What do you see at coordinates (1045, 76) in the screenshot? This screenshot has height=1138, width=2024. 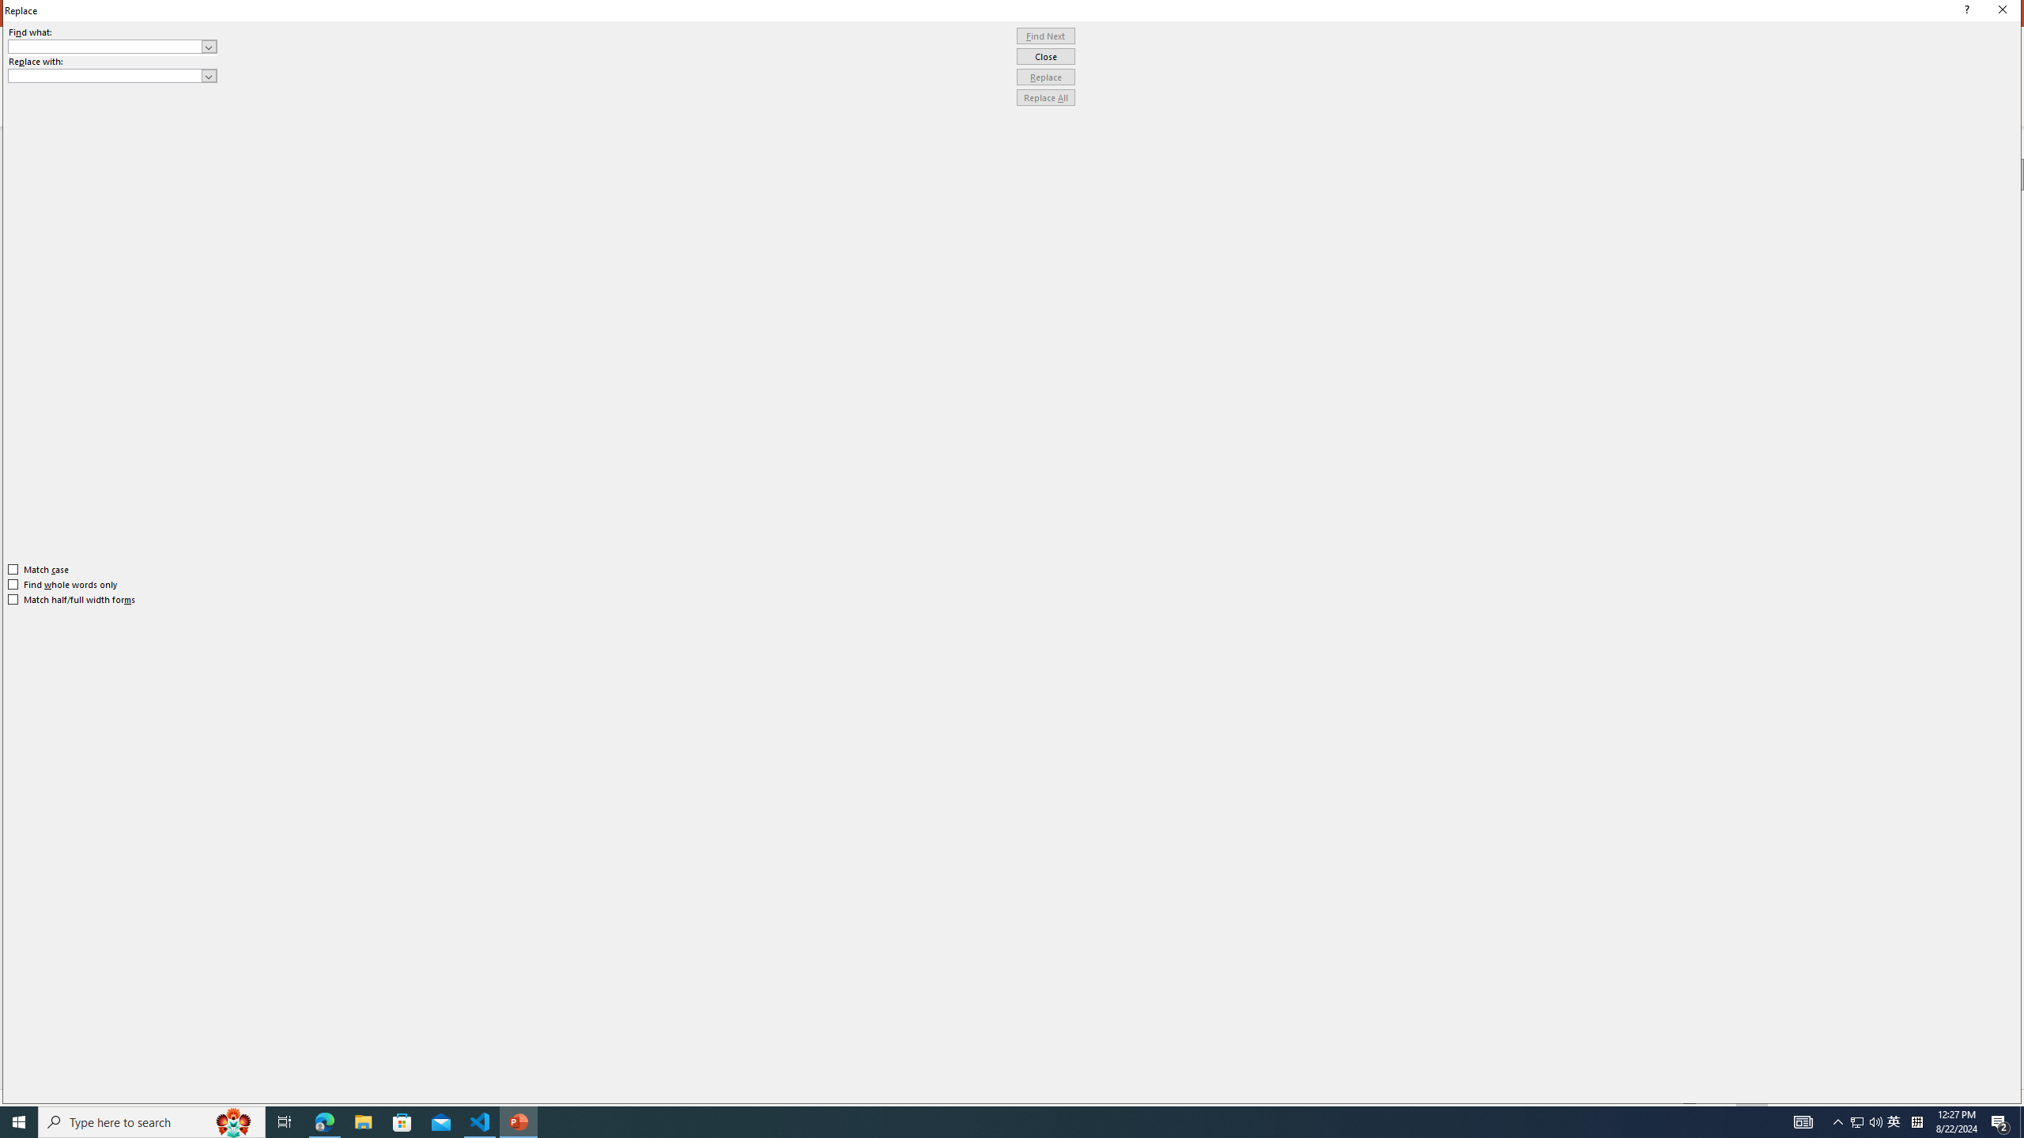 I see `'Replace'` at bounding box center [1045, 76].